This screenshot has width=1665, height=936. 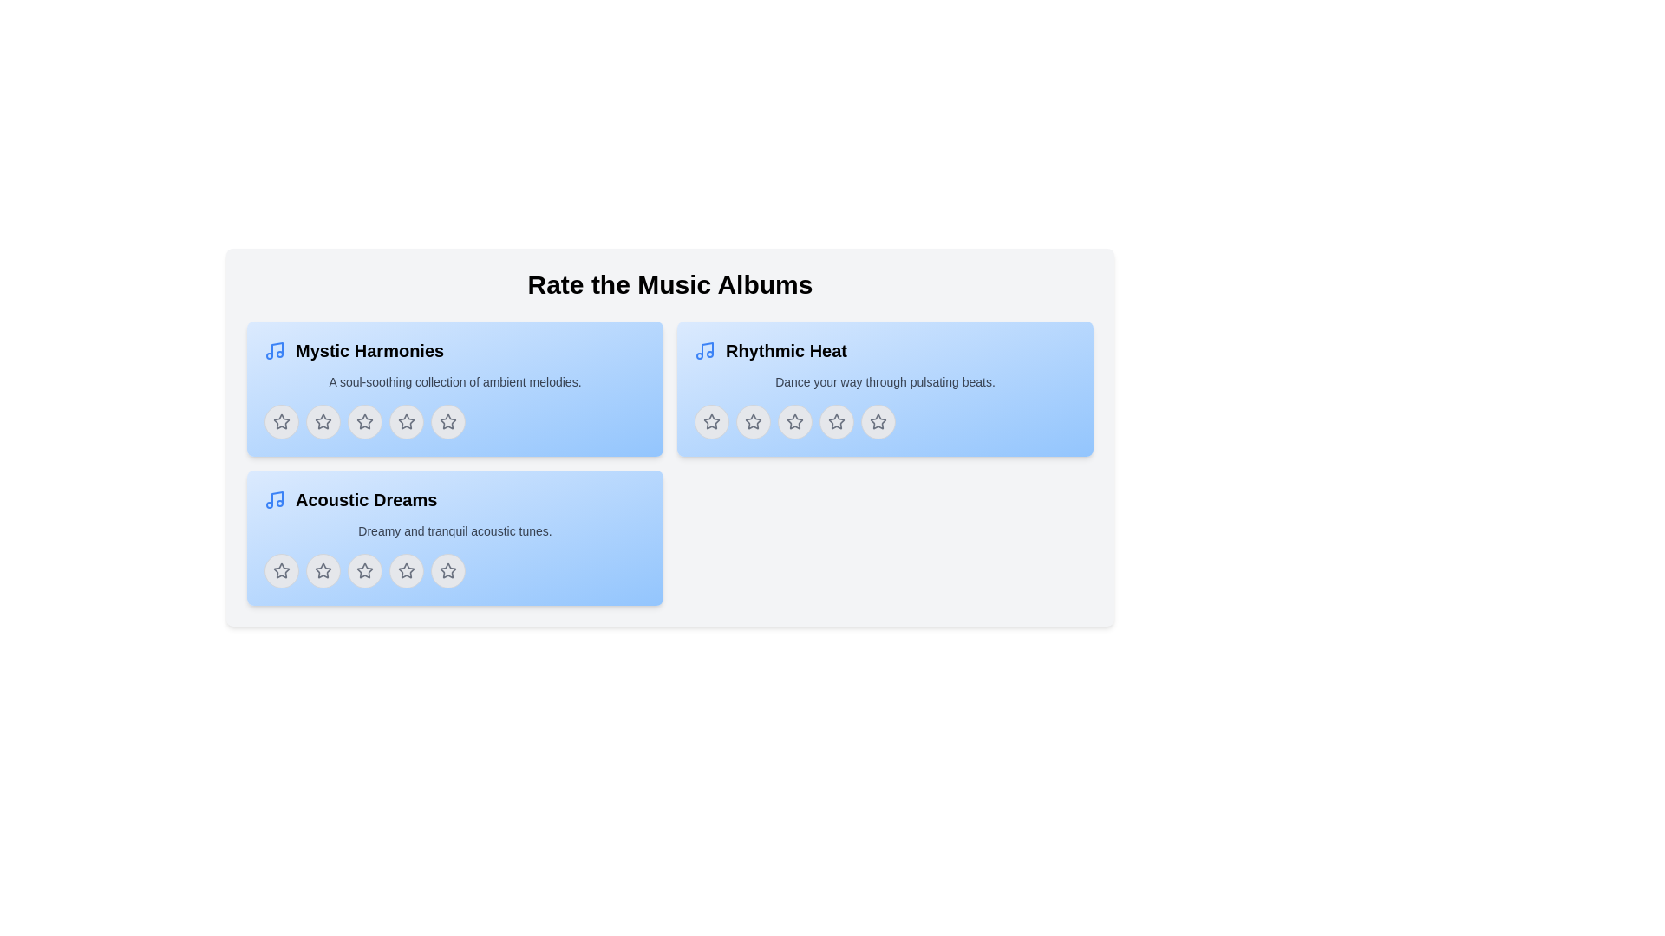 What do you see at coordinates (753, 421) in the screenshot?
I see `the first rating star for the 'Rhythmic Heat' album` at bounding box center [753, 421].